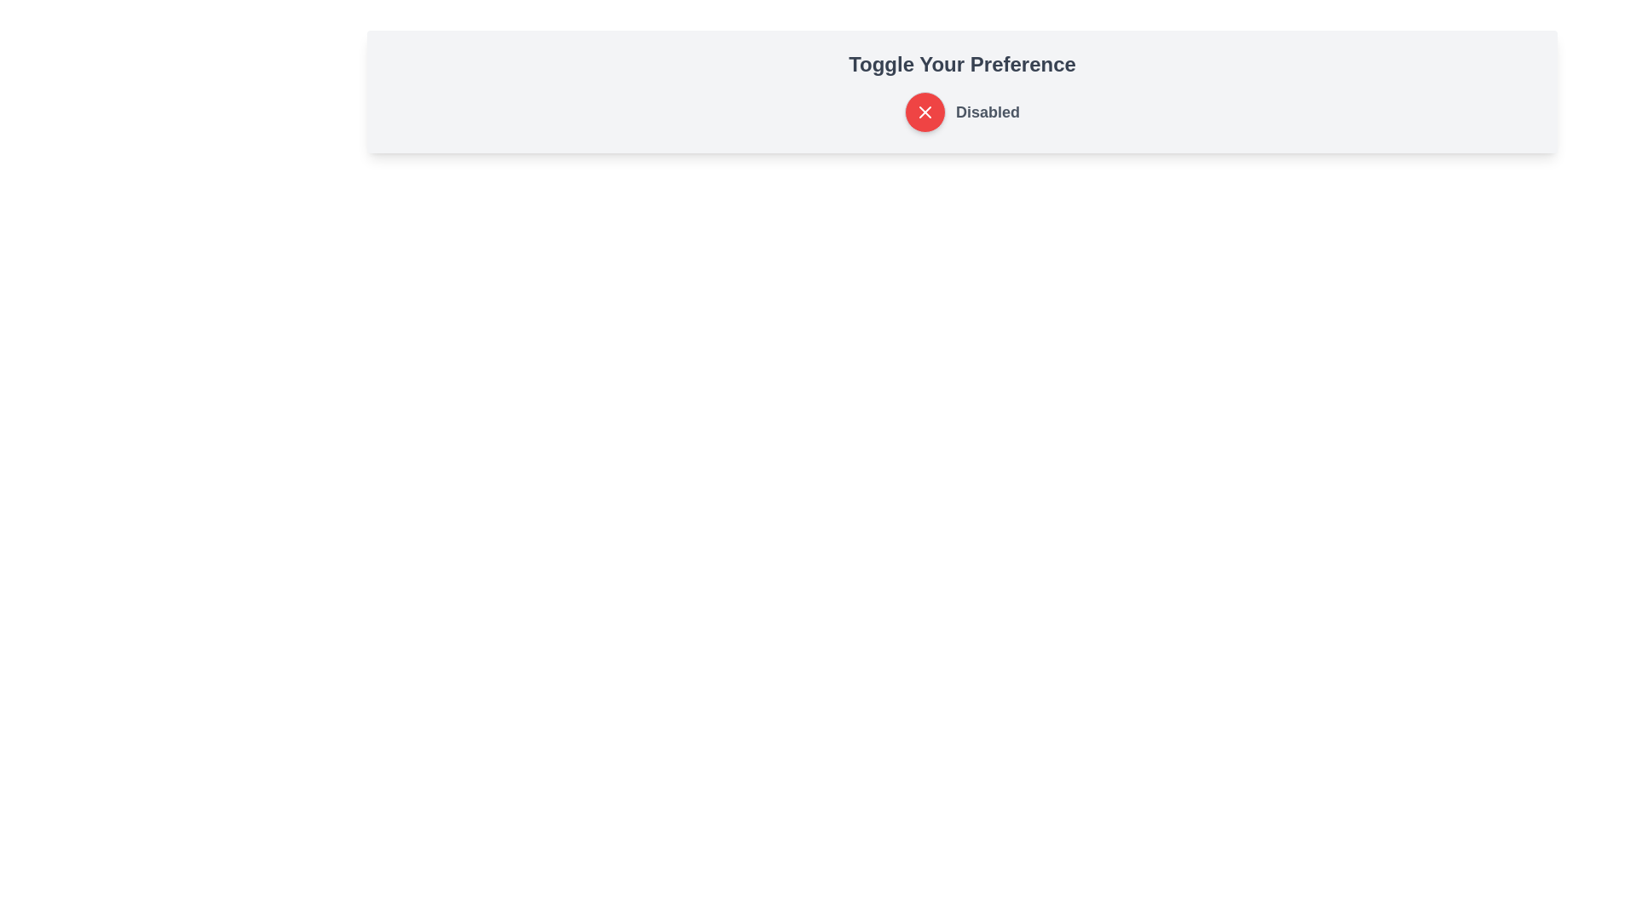  Describe the element at coordinates (924, 112) in the screenshot. I see `toggle button to switch its state` at that location.